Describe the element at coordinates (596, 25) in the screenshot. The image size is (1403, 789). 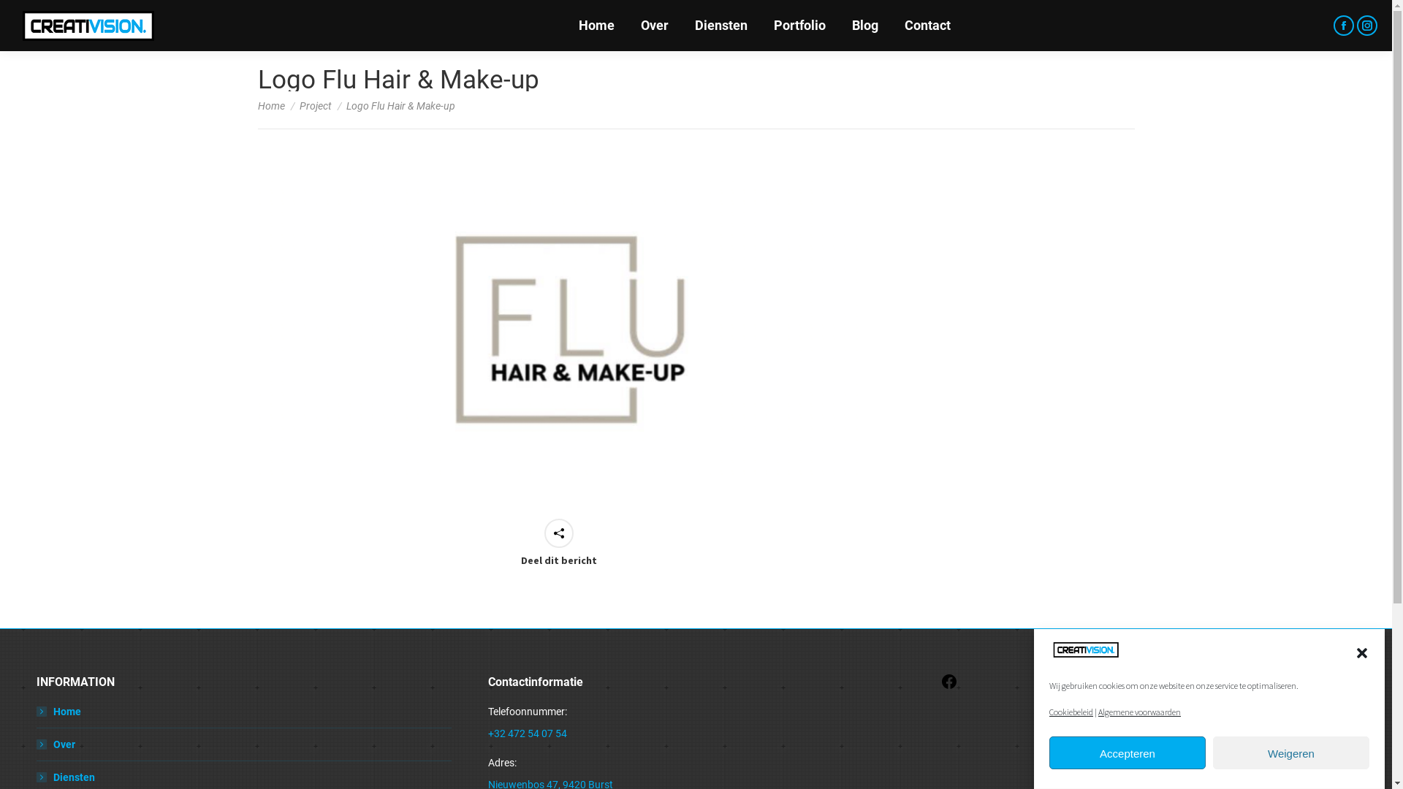
I see `'Home'` at that location.